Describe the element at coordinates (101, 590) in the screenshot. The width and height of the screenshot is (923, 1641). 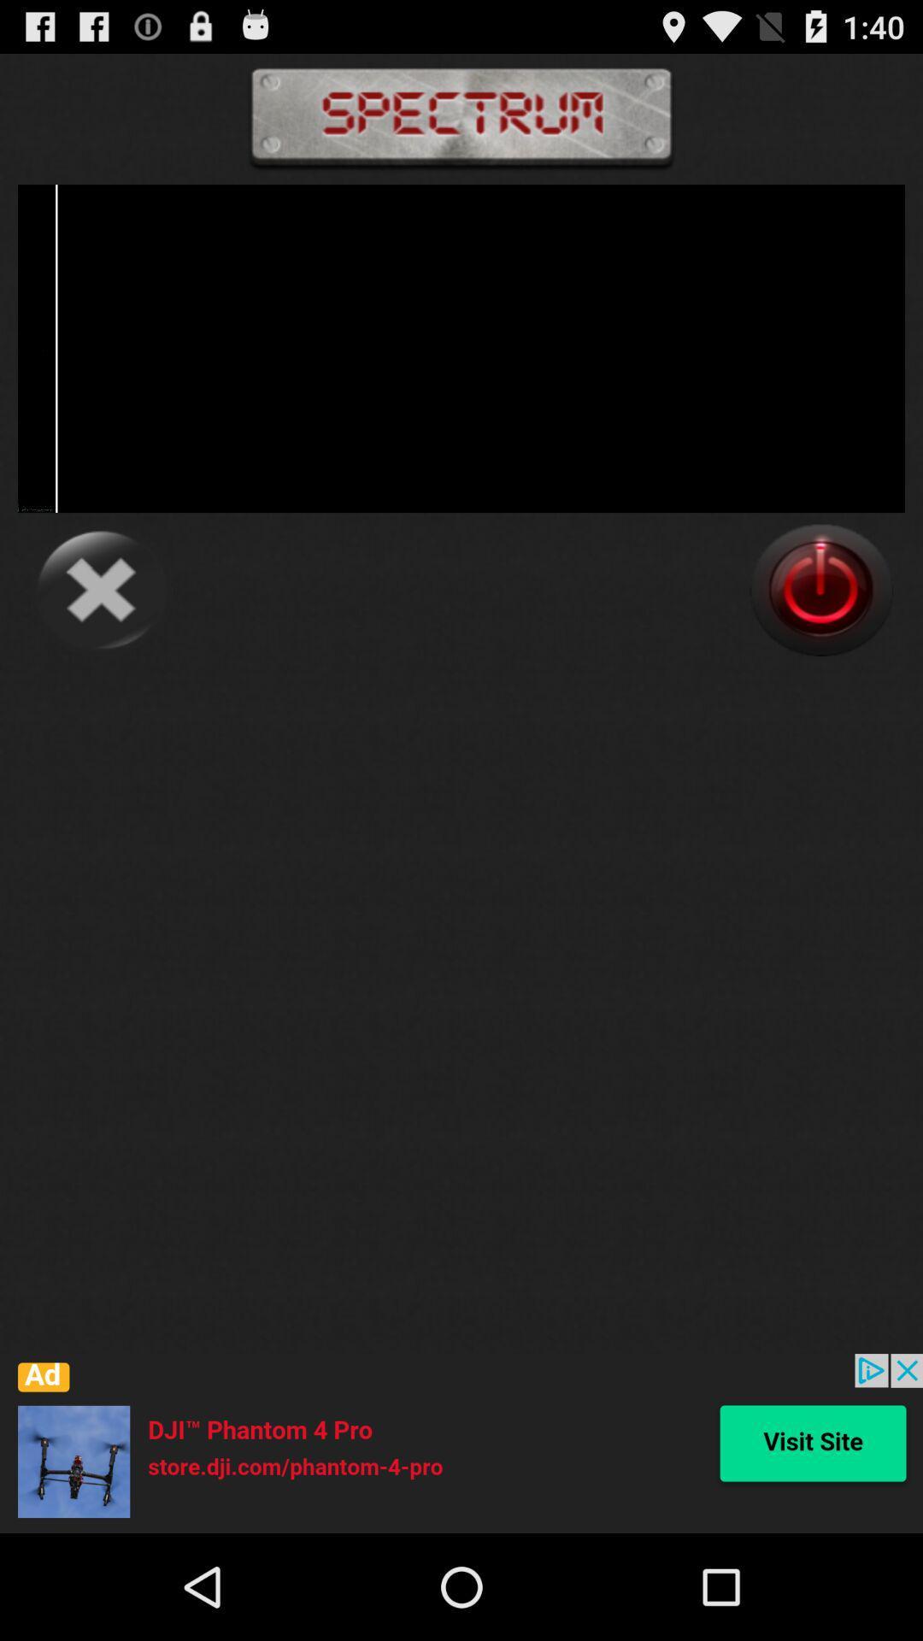
I see `button` at that location.